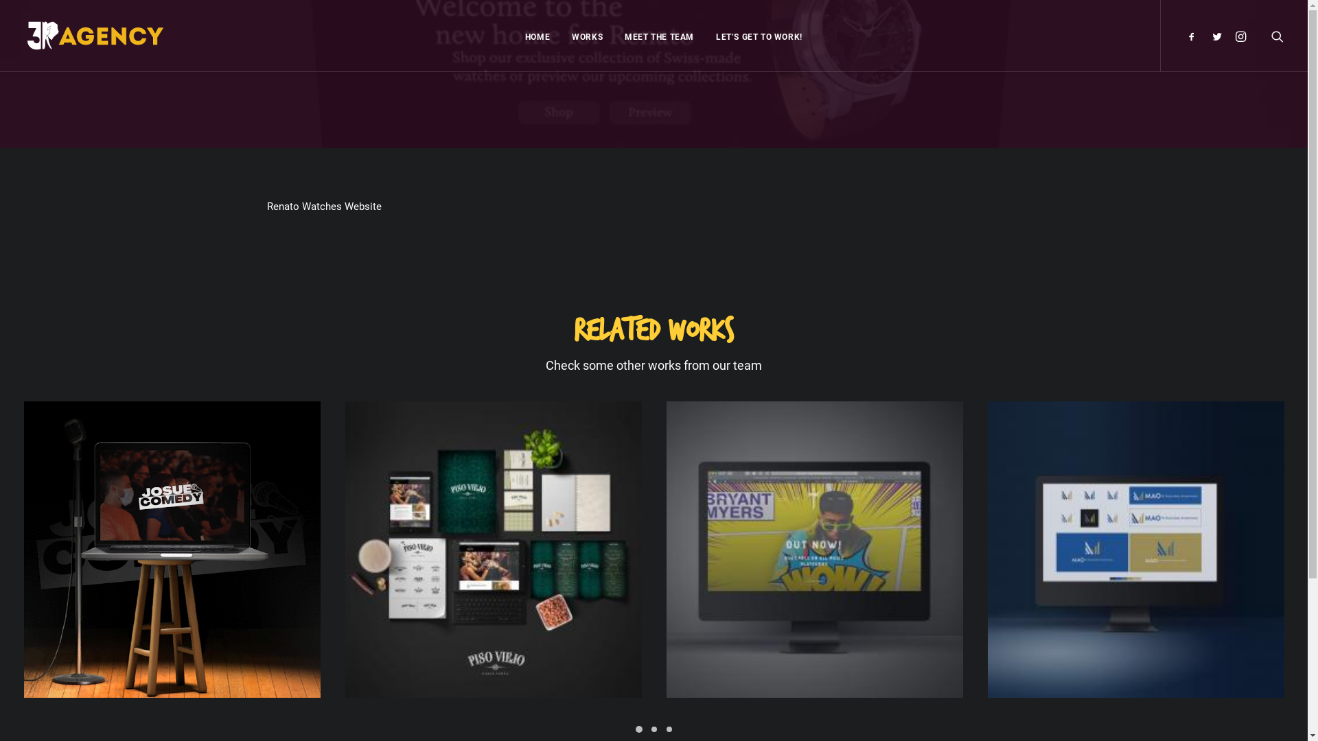 The width and height of the screenshot is (1318, 741). What do you see at coordinates (587, 34) in the screenshot?
I see `'WORKS'` at bounding box center [587, 34].